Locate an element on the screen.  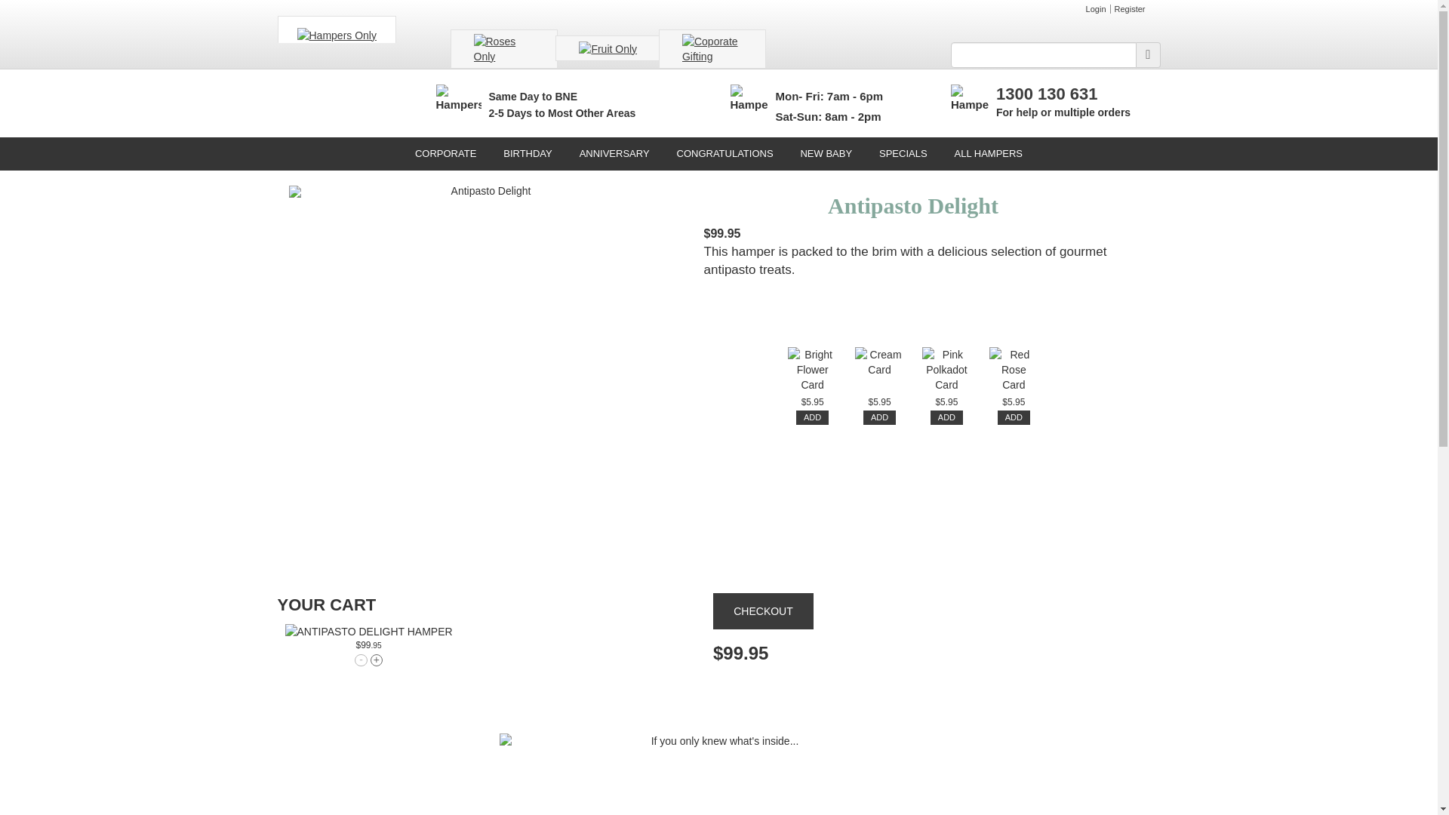
'Login' is located at coordinates (1097, 8).